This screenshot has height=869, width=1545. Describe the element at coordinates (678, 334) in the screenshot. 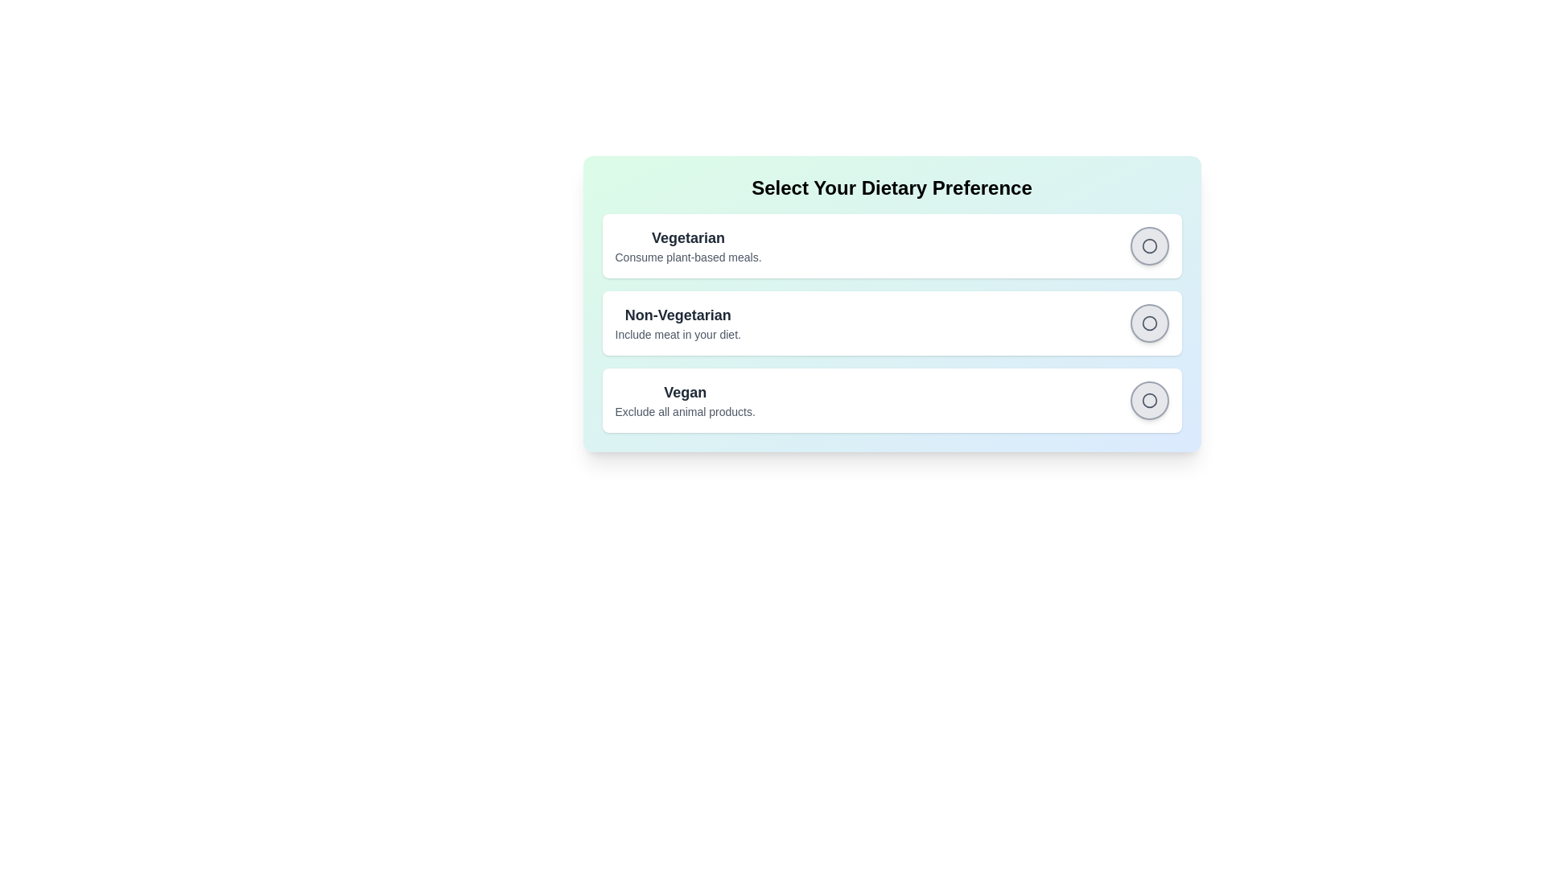

I see `the static text label displaying 'Include meat in your diet.', which is styled in gray and located under the 'Non-Vegetarian' header` at that location.